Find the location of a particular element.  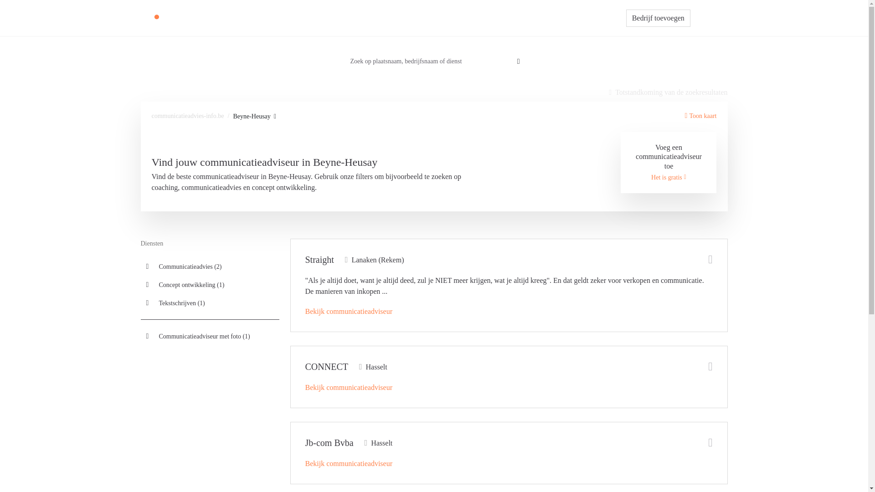

'Bekijk communicatieadviseur' is located at coordinates (349, 311).